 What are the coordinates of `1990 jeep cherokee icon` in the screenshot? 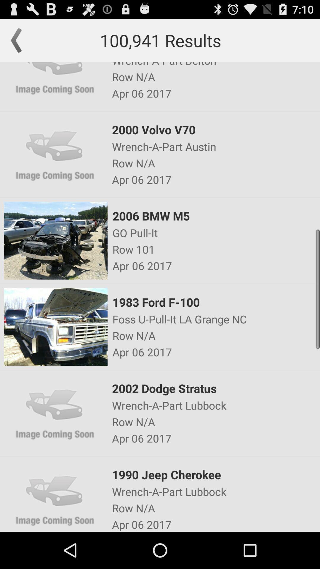 It's located at (215, 474).